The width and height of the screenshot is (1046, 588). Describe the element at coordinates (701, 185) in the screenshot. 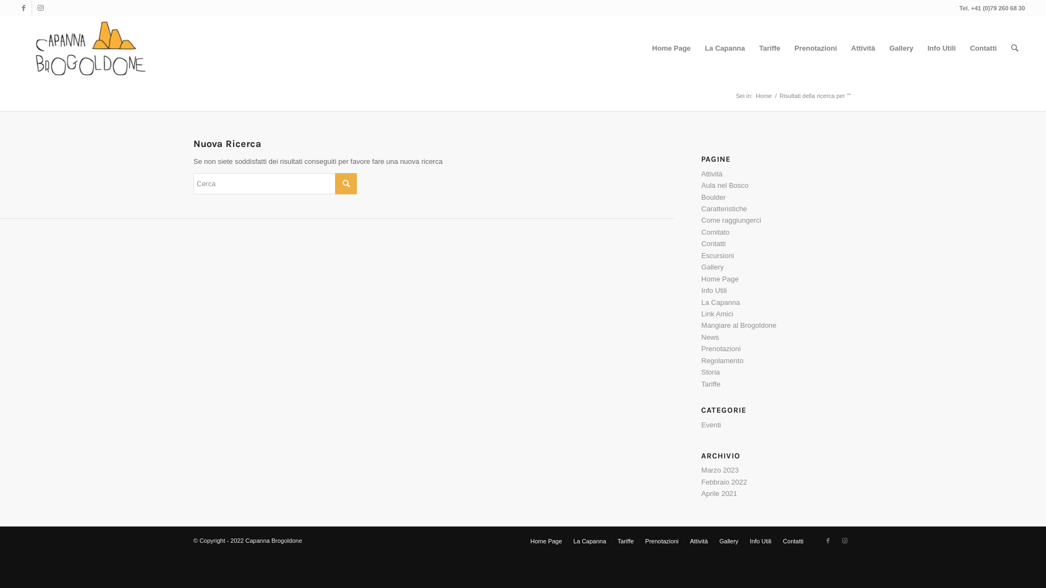

I see `'Aula nel Bosco'` at that location.